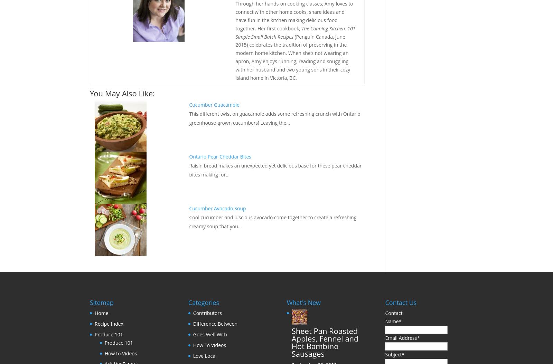 Image resolution: width=553 pixels, height=364 pixels. What do you see at coordinates (385, 337) in the screenshot?
I see `'Email Address'` at bounding box center [385, 337].